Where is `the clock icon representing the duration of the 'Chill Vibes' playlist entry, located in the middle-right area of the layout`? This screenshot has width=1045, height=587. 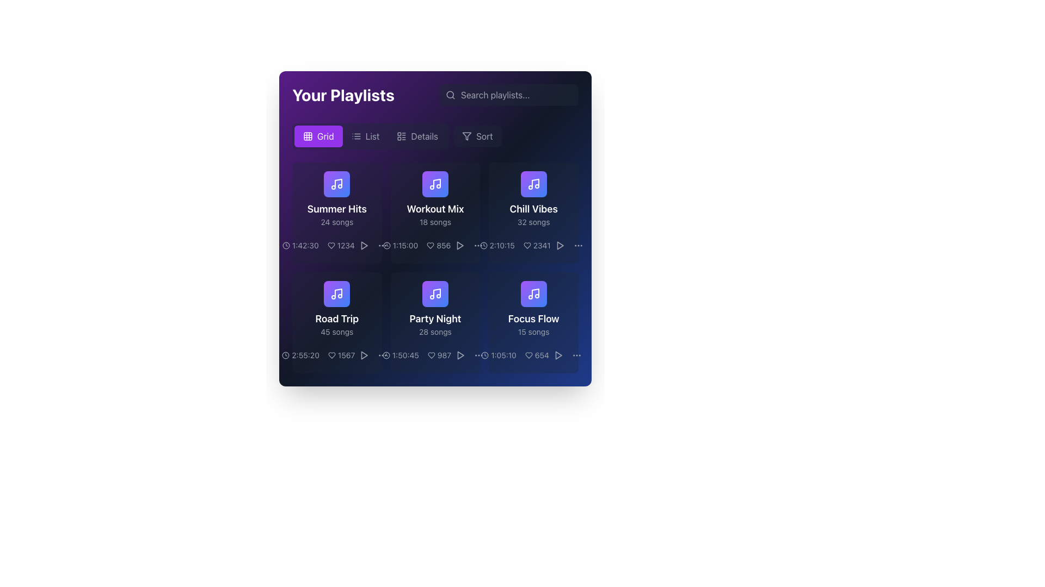
the clock icon representing the duration of the 'Chill Vibes' playlist entry, located in the middle-right area of the layout is located at coordinates (483, 245).